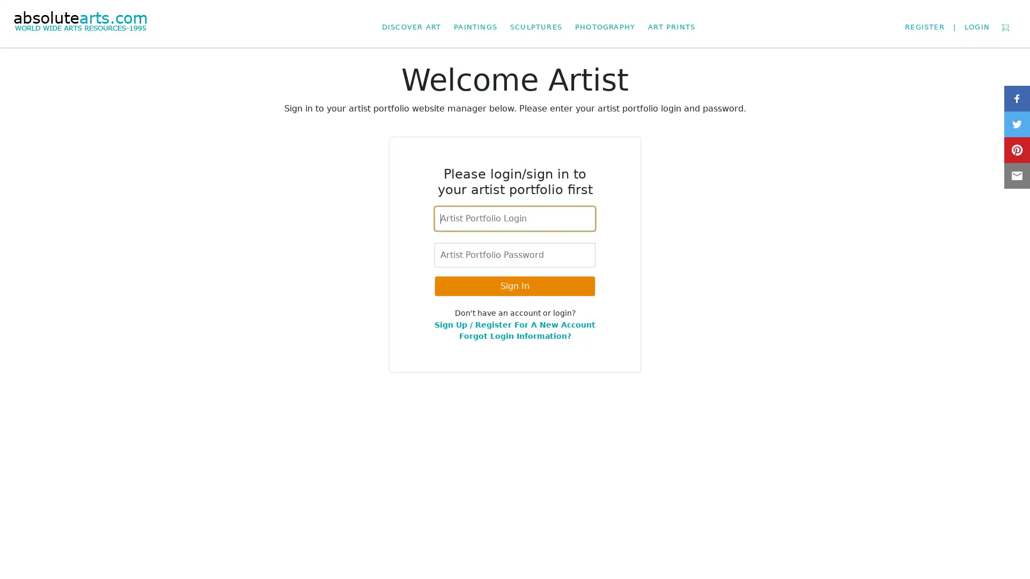 This screenshot has width=1030, height=579. I want to click on Sign In, so click(515, 285).